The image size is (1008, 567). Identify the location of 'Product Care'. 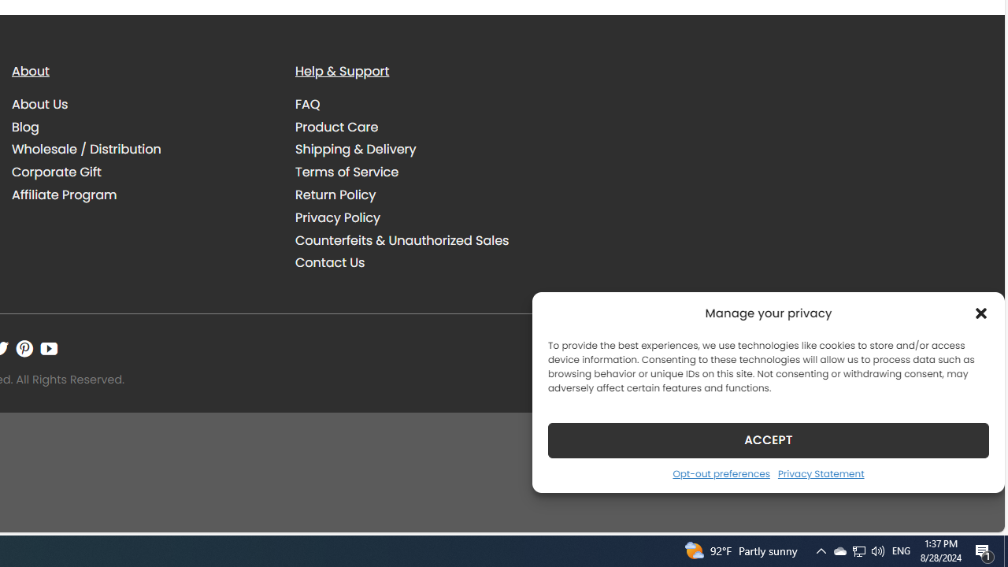
(336, 125).